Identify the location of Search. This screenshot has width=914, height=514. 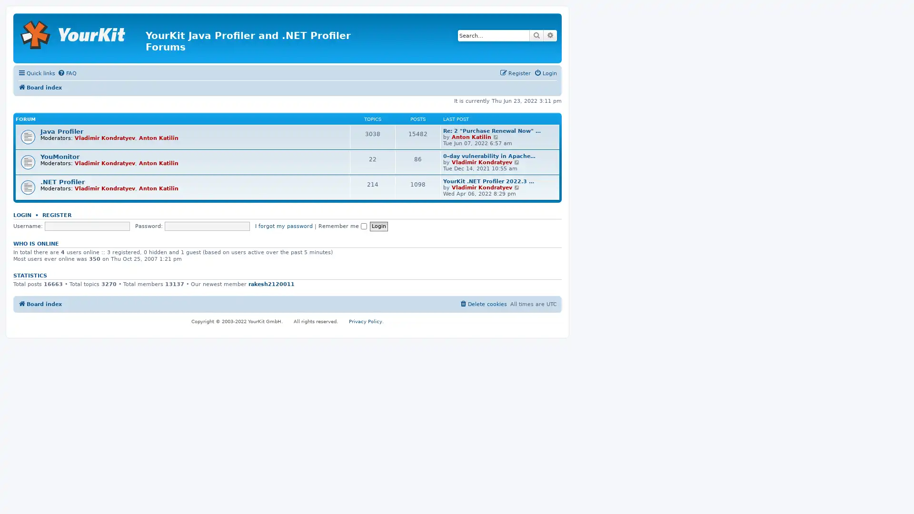
(536, 35).